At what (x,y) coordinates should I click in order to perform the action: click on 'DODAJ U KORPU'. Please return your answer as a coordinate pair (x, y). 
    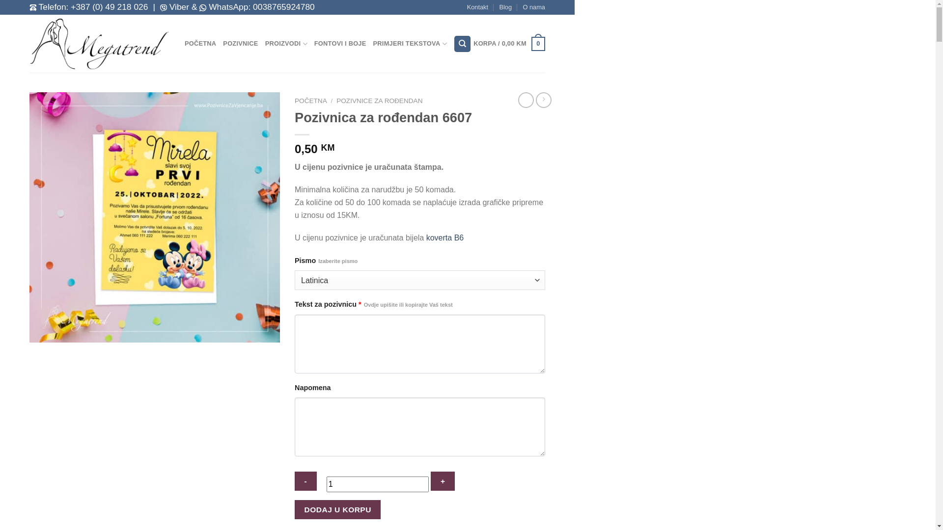
    Looking at the image, I should click on (337, 509).